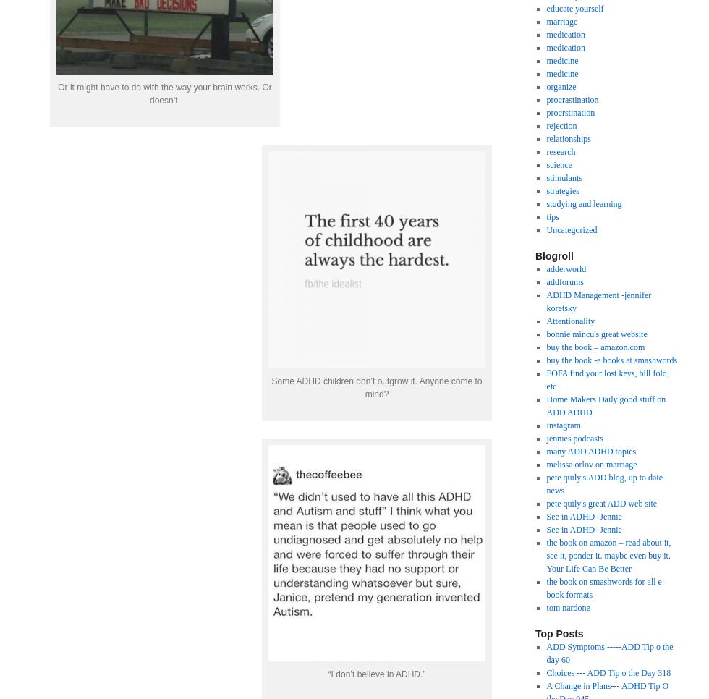 This screenshot has height=699, width=709. Describe the element at coordinates (611, 359) in the screenshot. I see `'buy the book -e books at smashwords'` at that location.